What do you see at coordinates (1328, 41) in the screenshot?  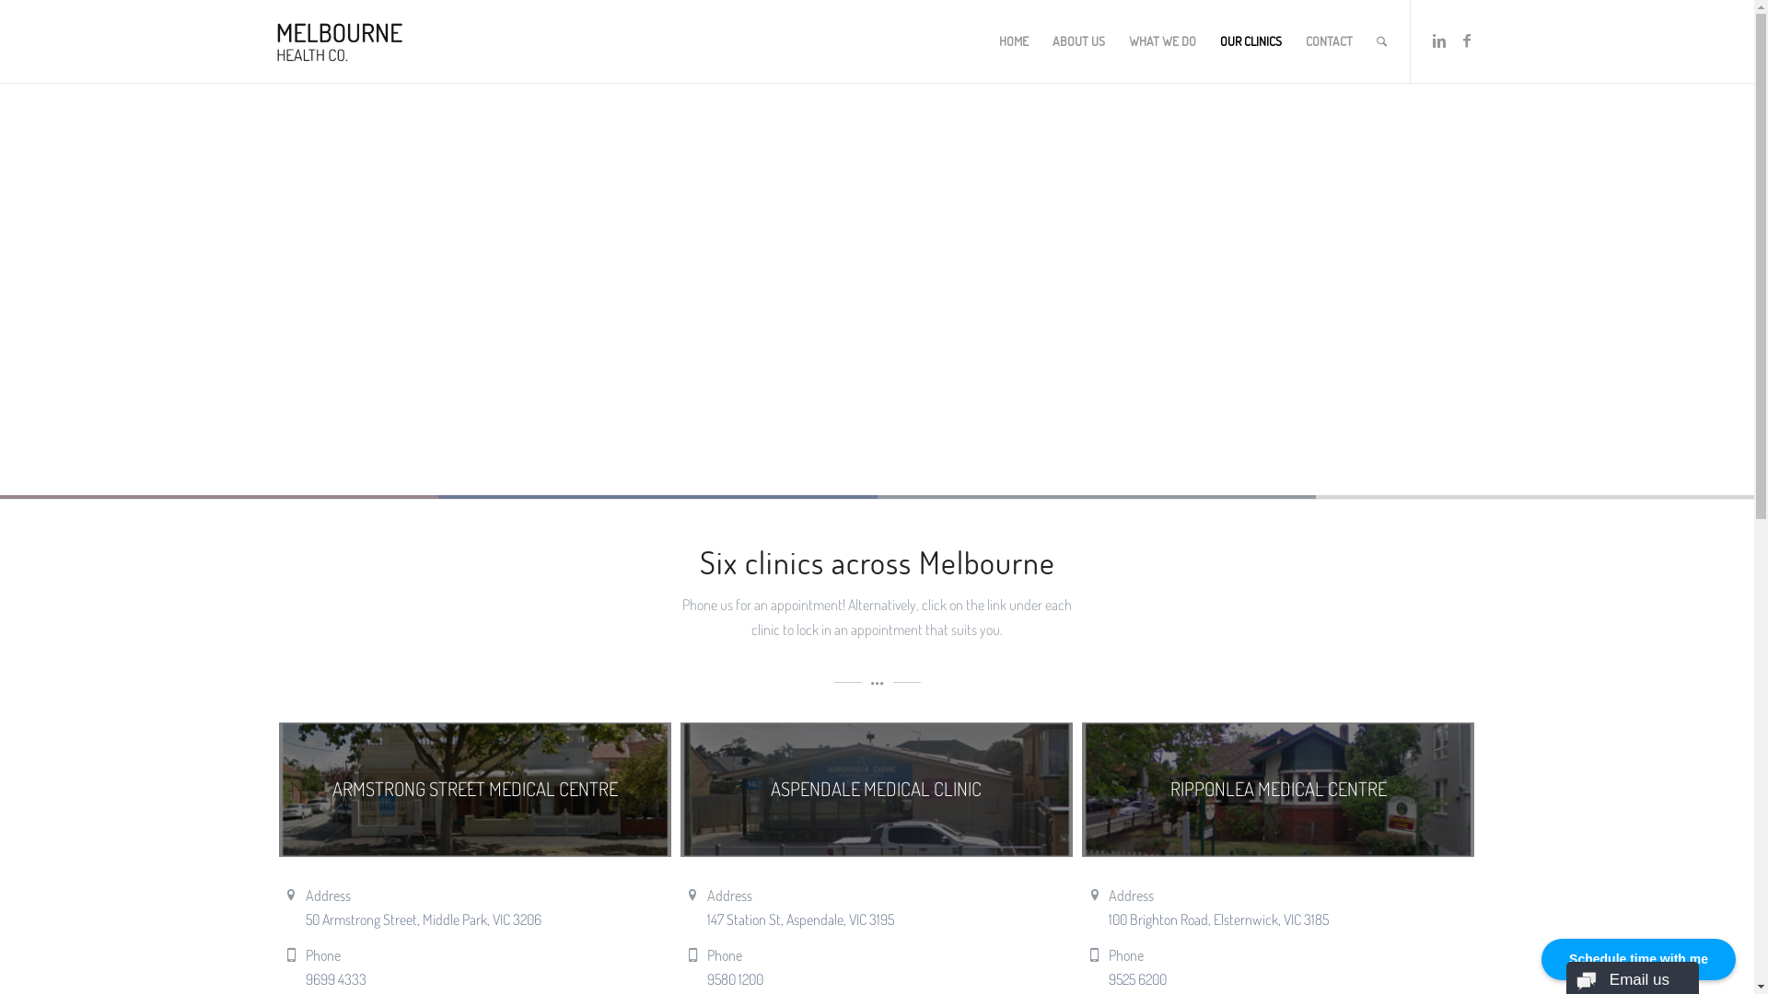 I see `'CONTACT'` at bounding box center [1328, 41].